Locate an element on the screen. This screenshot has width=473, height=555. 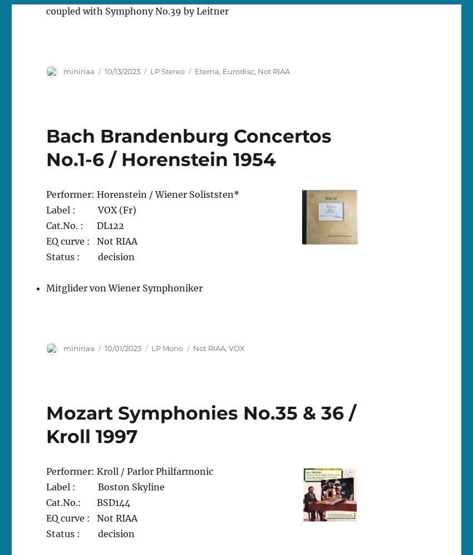
'Mitglider von Wiener Symphoniker' is located at coordinates (124, 288).